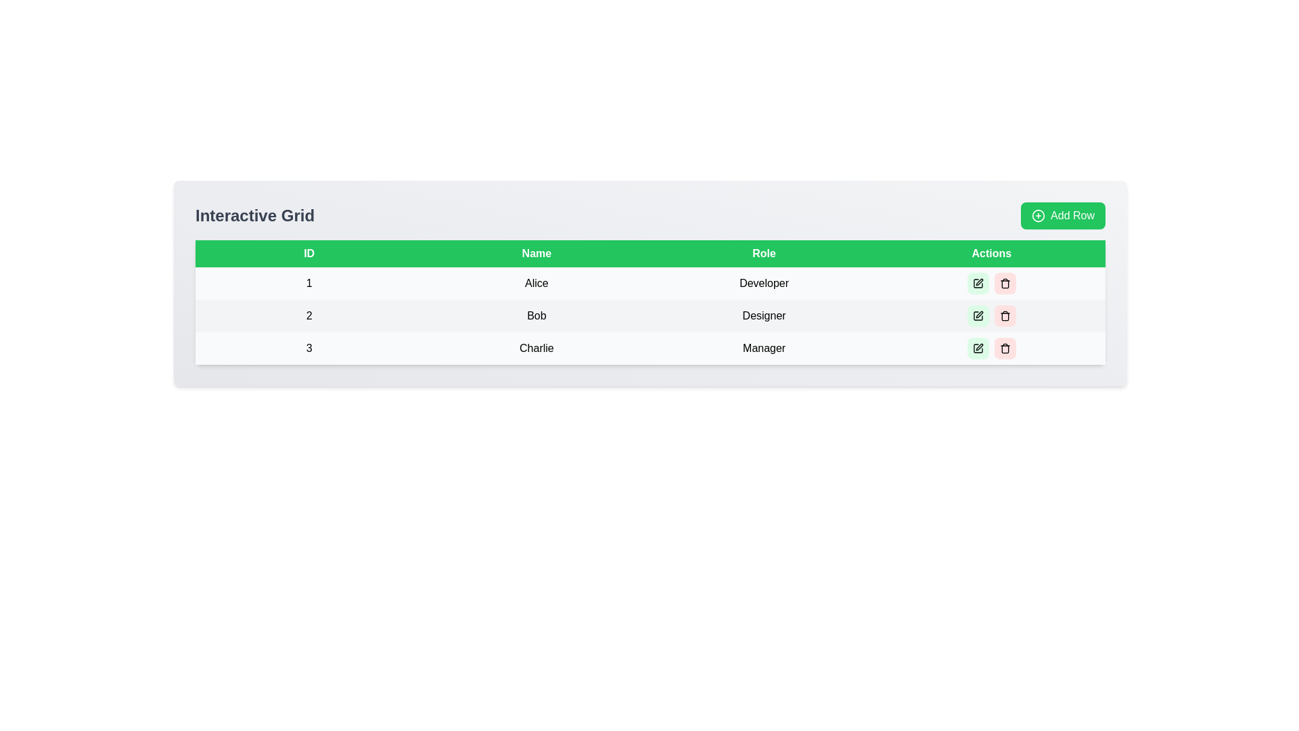 This screenshot has height=731, width=1299. What do you see at coordinates (764, 348) in the screenshot?
I see `the text element displaying 'Manager' in the Role column for the individual named 'Charlie' in row ID 3` at bounding box center [764, 348].